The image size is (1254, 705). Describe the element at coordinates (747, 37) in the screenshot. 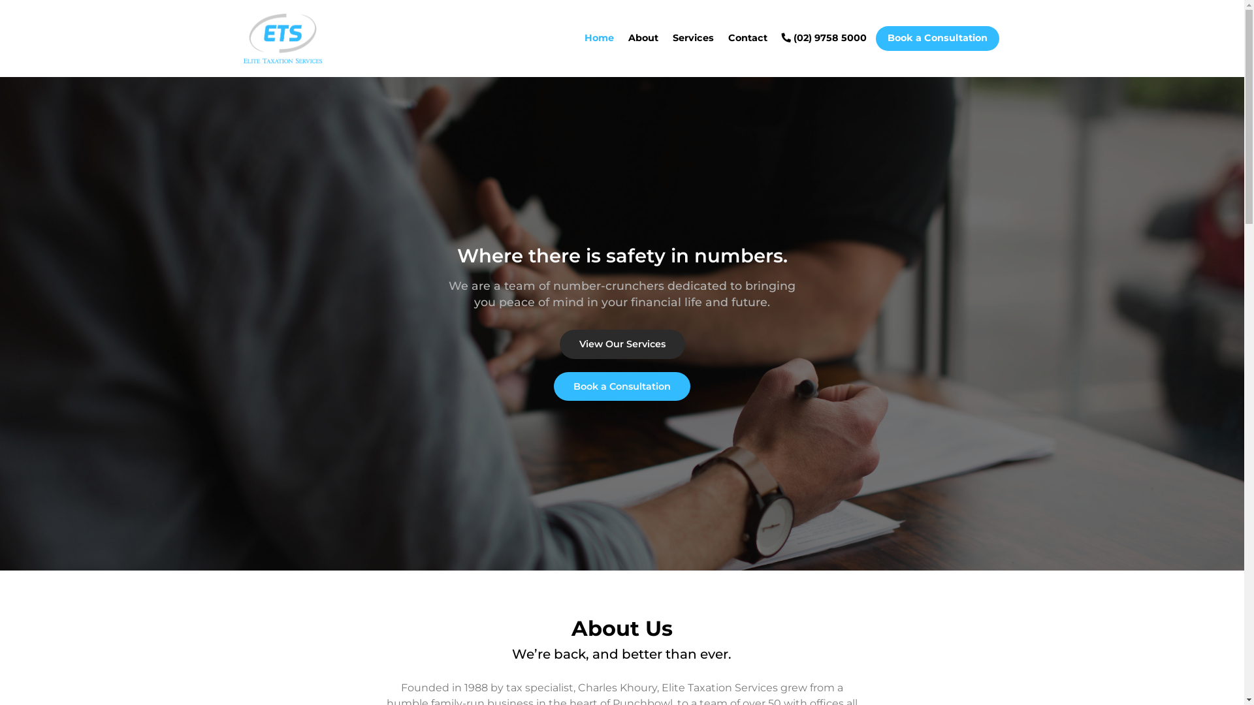

I see `'Contact'` at that location.